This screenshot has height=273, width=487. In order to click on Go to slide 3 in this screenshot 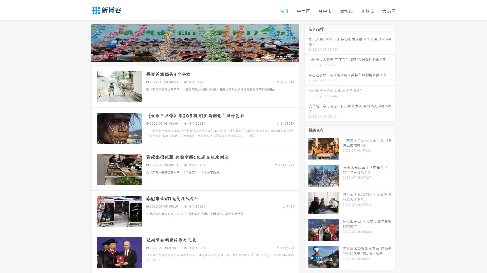, I will do `click(200, 57)`.